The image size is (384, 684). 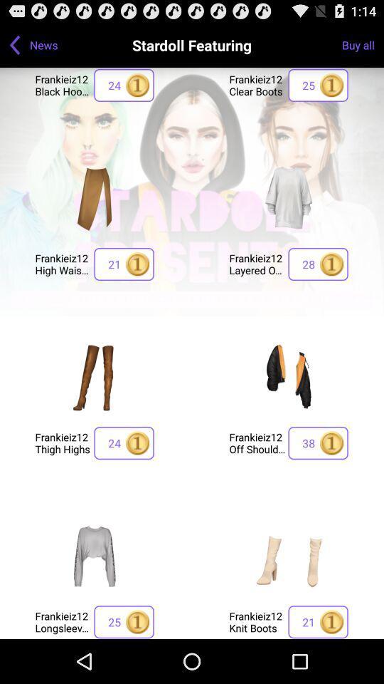 I want to click on the frankieiz12 longsleeve with icon, so click(x=62, y=621).